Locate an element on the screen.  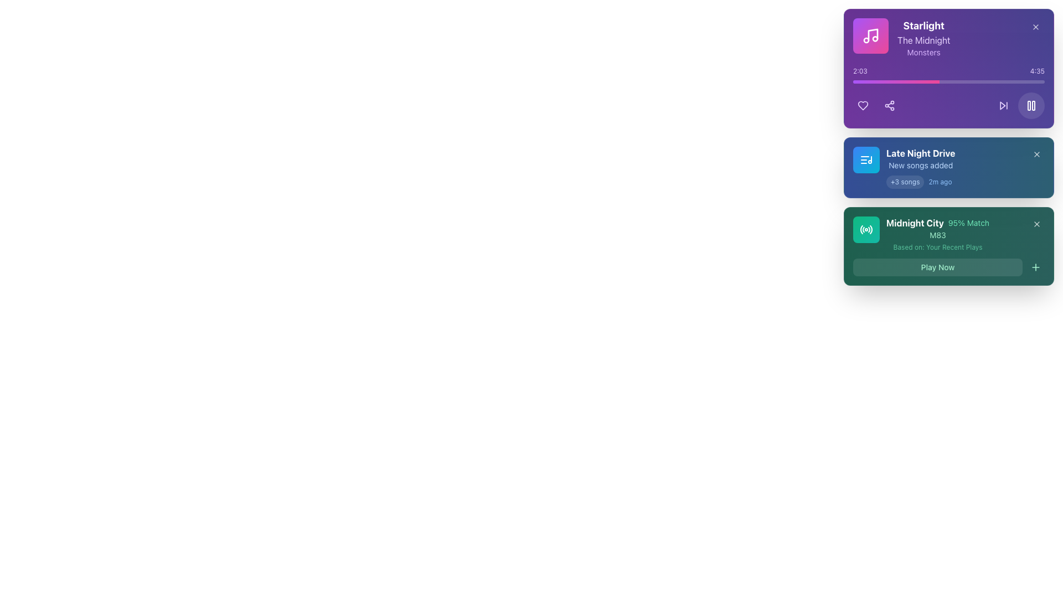
the close button located at the top-right corner of the 'Starlight' notification card is located at coordinates (1035, 27).